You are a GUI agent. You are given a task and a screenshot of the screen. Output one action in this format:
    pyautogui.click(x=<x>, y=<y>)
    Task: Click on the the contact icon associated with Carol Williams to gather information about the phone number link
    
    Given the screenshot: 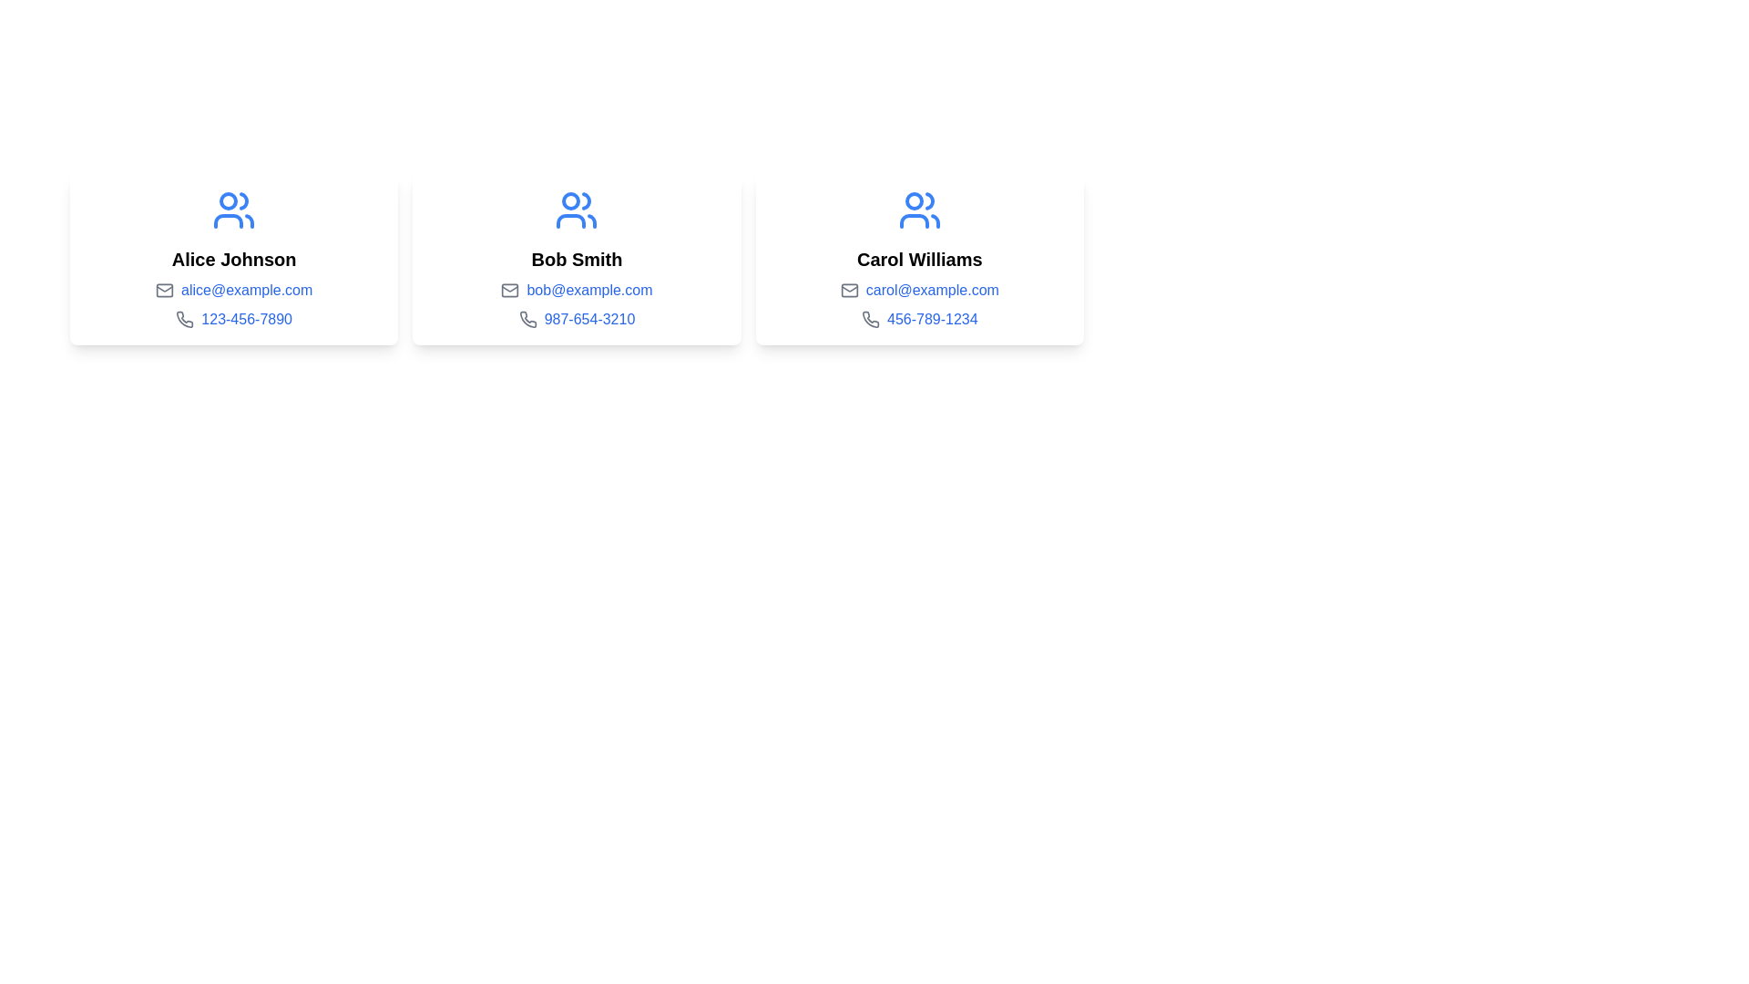 What is the action you would take?
    pyautogui.click(x=869, y=319)
    